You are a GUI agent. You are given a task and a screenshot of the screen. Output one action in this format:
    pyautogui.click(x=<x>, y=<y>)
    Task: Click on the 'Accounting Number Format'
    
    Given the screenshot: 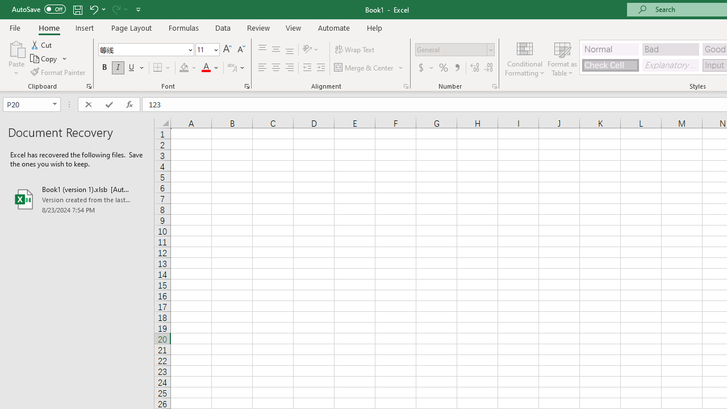 What is the action you would take?
    pyautogui.click(x=425, y=68)
    